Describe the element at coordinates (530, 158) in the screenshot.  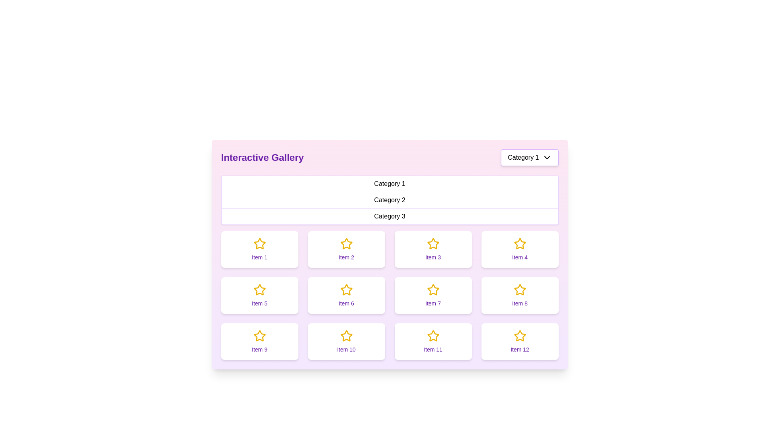
I see `the Dropdown menu toggle button labeled 'Category 1'` at that location.